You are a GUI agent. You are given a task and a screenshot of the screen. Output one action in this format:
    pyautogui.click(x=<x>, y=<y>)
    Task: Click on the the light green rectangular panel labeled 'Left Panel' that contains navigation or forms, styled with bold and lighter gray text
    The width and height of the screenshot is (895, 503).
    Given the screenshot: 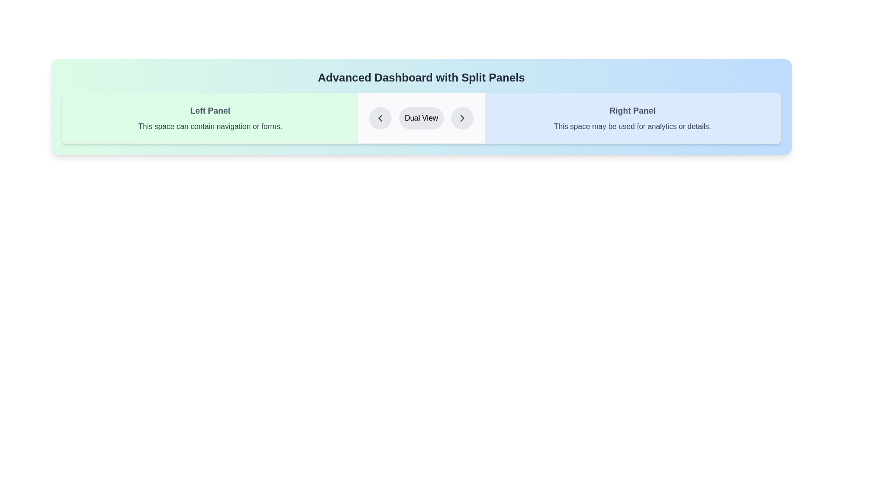 What is the action you would take?
    pyautogui.click(x=210, y=118)
    